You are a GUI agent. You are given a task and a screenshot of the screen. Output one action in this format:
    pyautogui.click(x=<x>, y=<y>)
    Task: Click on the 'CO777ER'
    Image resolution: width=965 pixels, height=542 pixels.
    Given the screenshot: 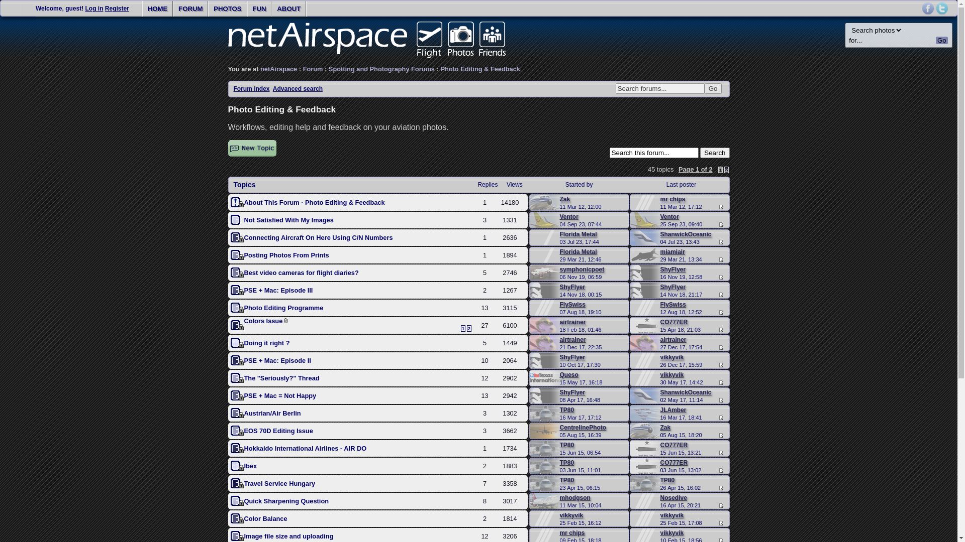 What is the action you would take?
    pyautogui.click(x=674, y=445)
    